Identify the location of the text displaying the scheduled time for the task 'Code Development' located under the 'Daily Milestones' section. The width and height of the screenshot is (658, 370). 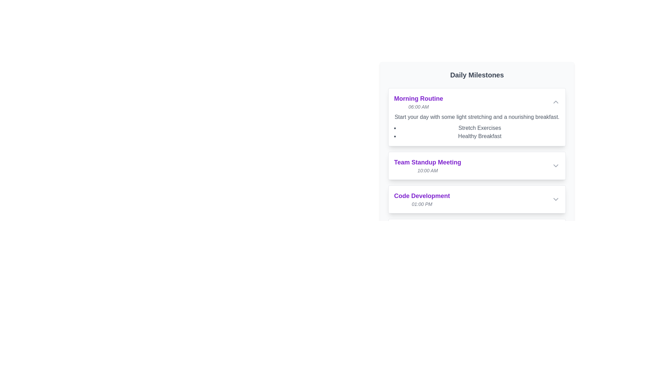
(422, 204).